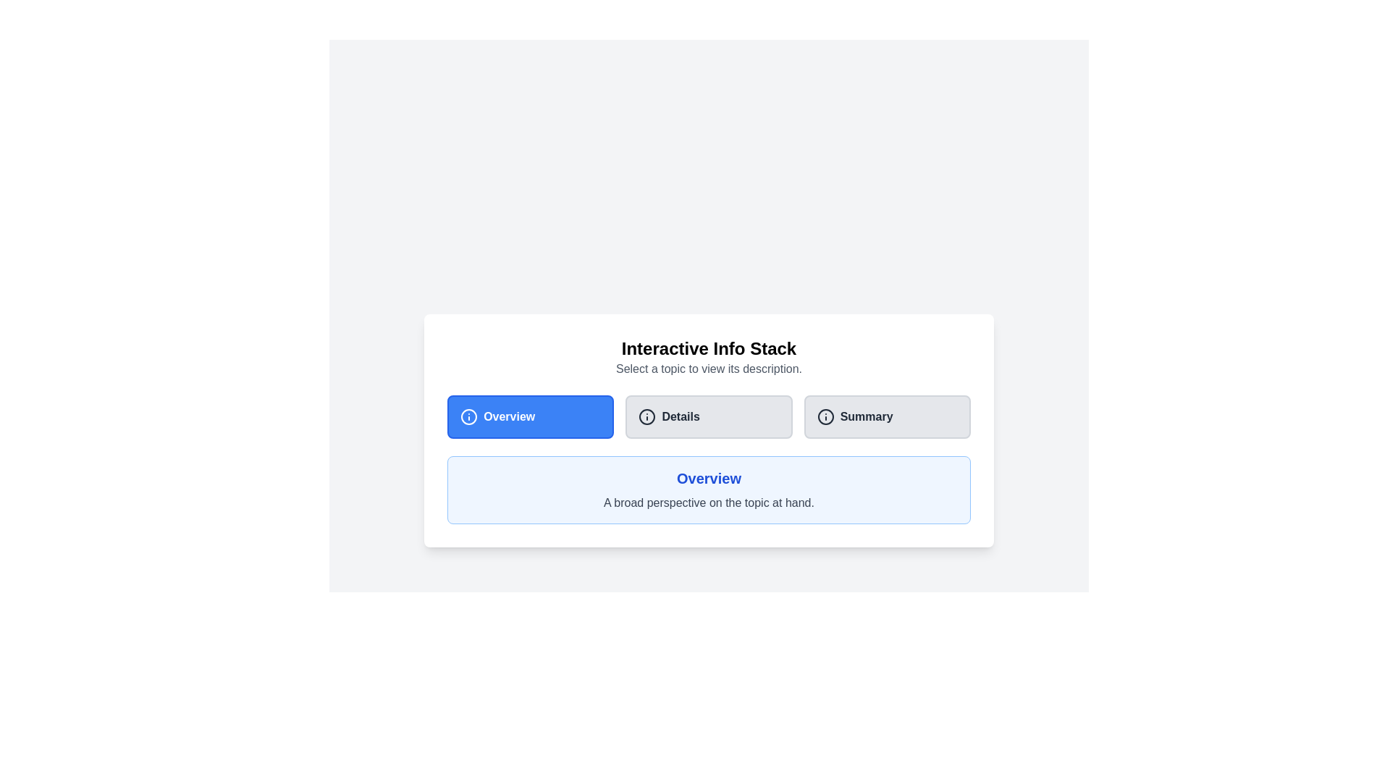 The width and height of the screenshot is (1390, 782). What do you see at coordinates (709, 416) in the screenshot?
I see `the middle button in the horizontal layout of three buttons to observe visual feedback` at bounding box center [709, 416].